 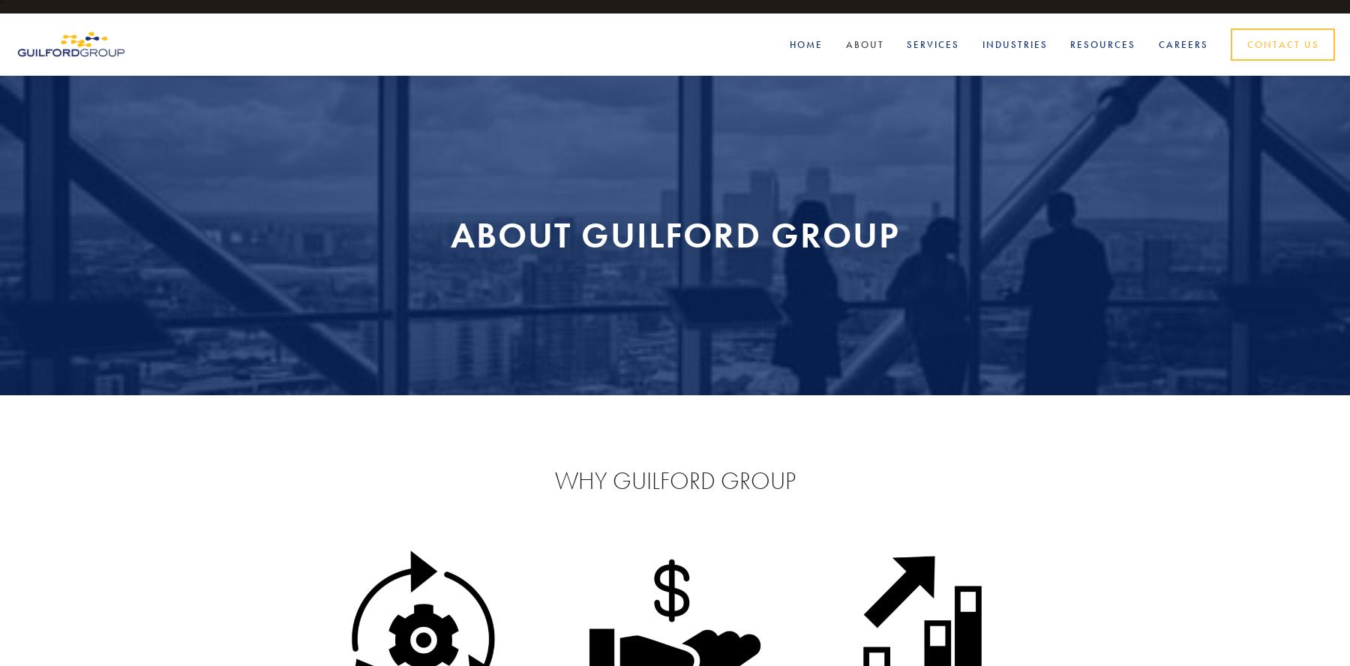 I want to click on 'WHY GUILFORD GROUP', so click(x=674, y=480).